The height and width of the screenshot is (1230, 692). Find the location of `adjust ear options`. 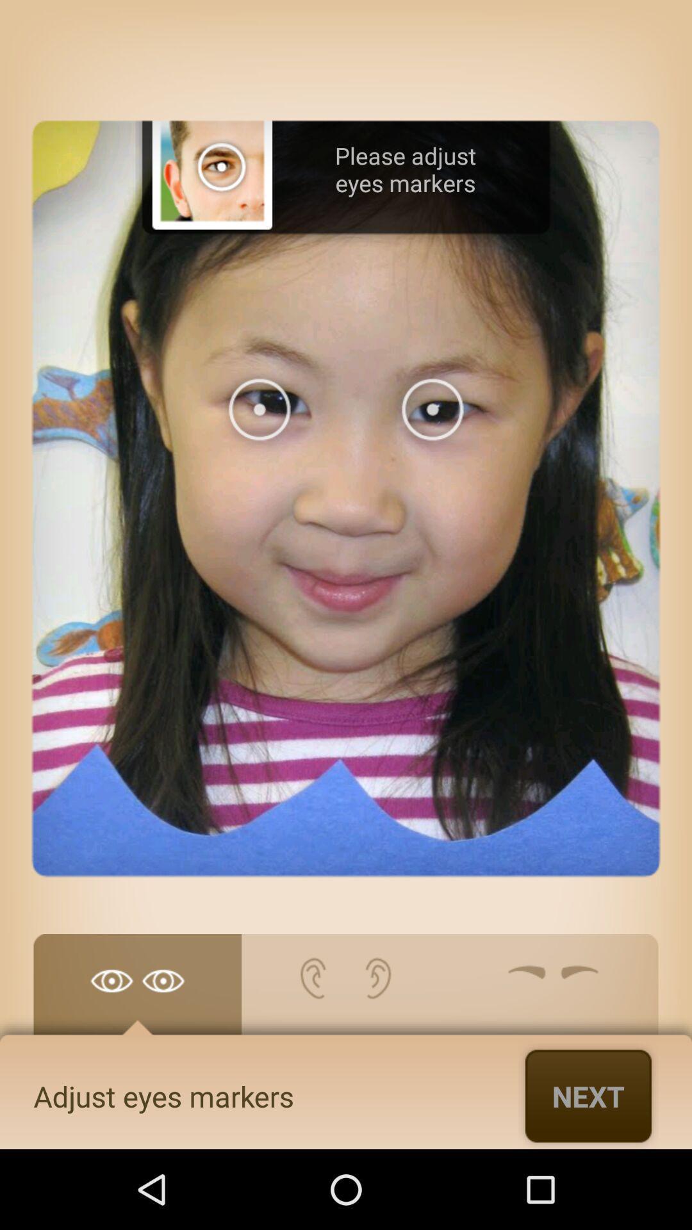

adjust ear options is located at coordinates (345, 990).